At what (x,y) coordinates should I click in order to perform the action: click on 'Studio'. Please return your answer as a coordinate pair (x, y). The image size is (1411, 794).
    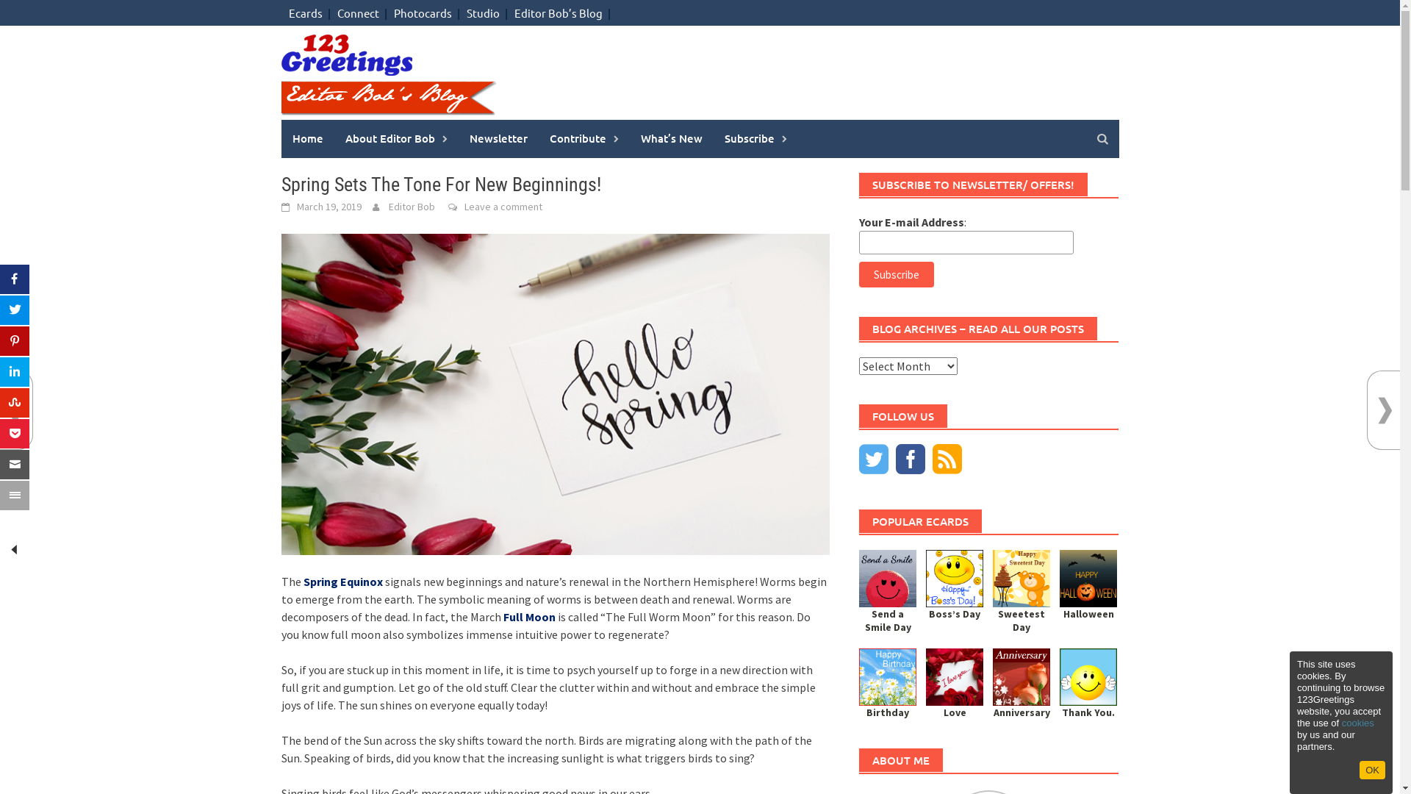
    Looking at the image, I should click on (458, 12).